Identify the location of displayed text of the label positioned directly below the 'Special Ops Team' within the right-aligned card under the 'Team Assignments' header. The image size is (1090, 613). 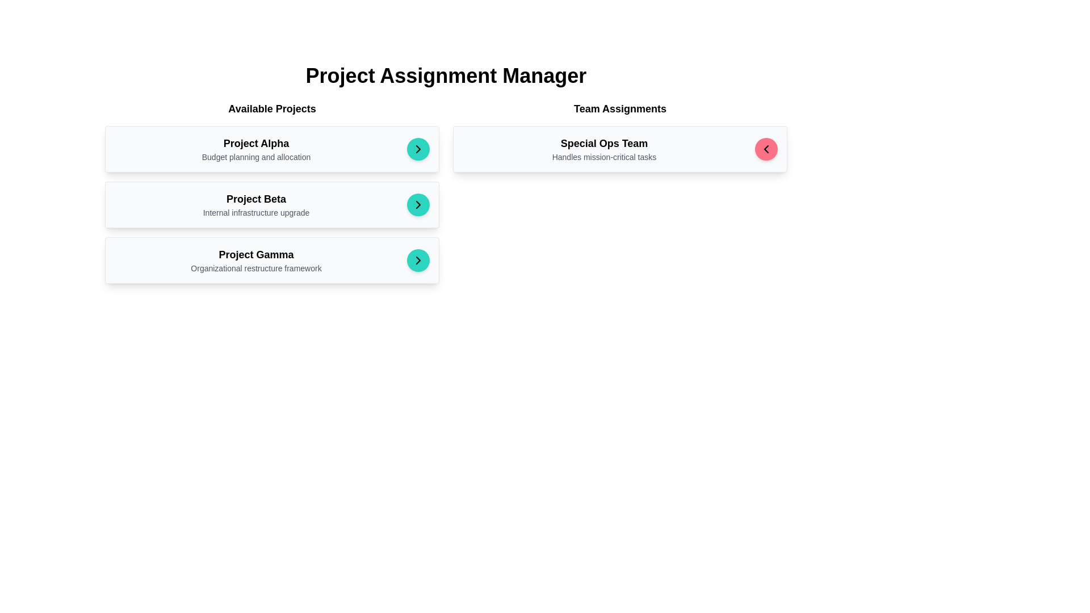
(603, 157).